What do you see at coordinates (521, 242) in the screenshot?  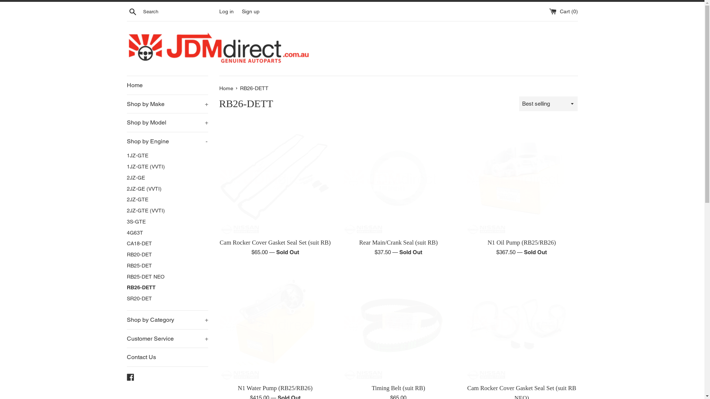 I see `'N1 Oil Pump (RB25/RB26)'` at bounding box center [521, 242].